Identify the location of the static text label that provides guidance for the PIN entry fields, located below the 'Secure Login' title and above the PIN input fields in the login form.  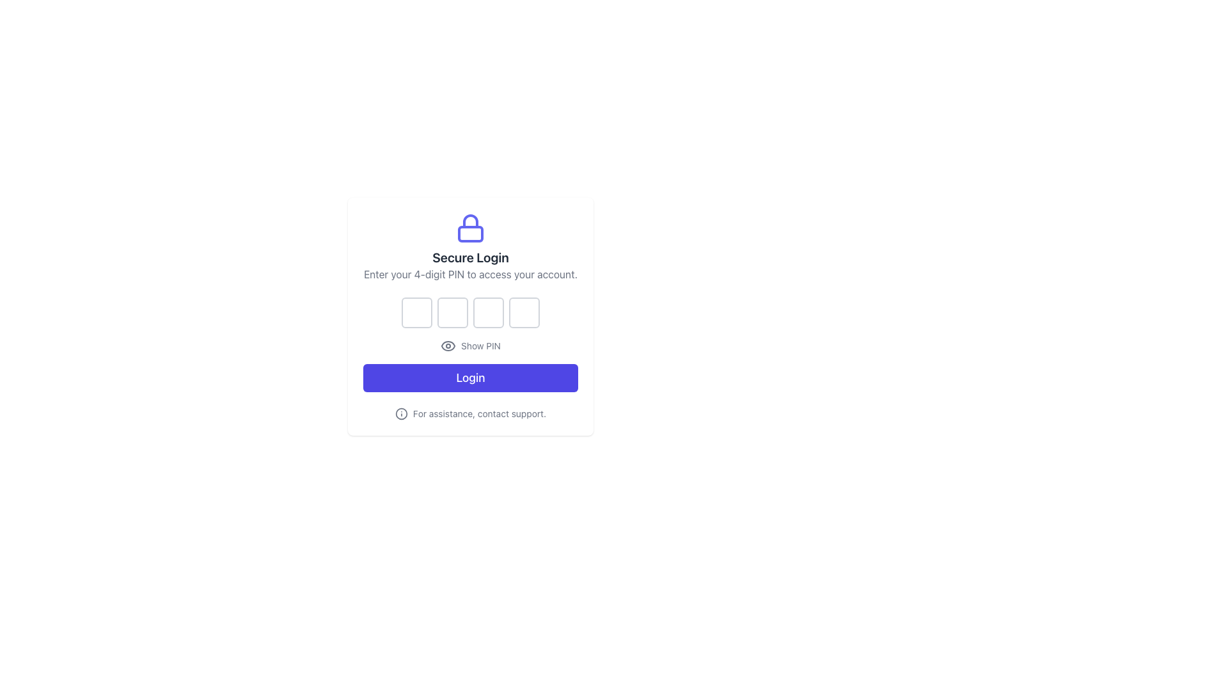
(469, 273).